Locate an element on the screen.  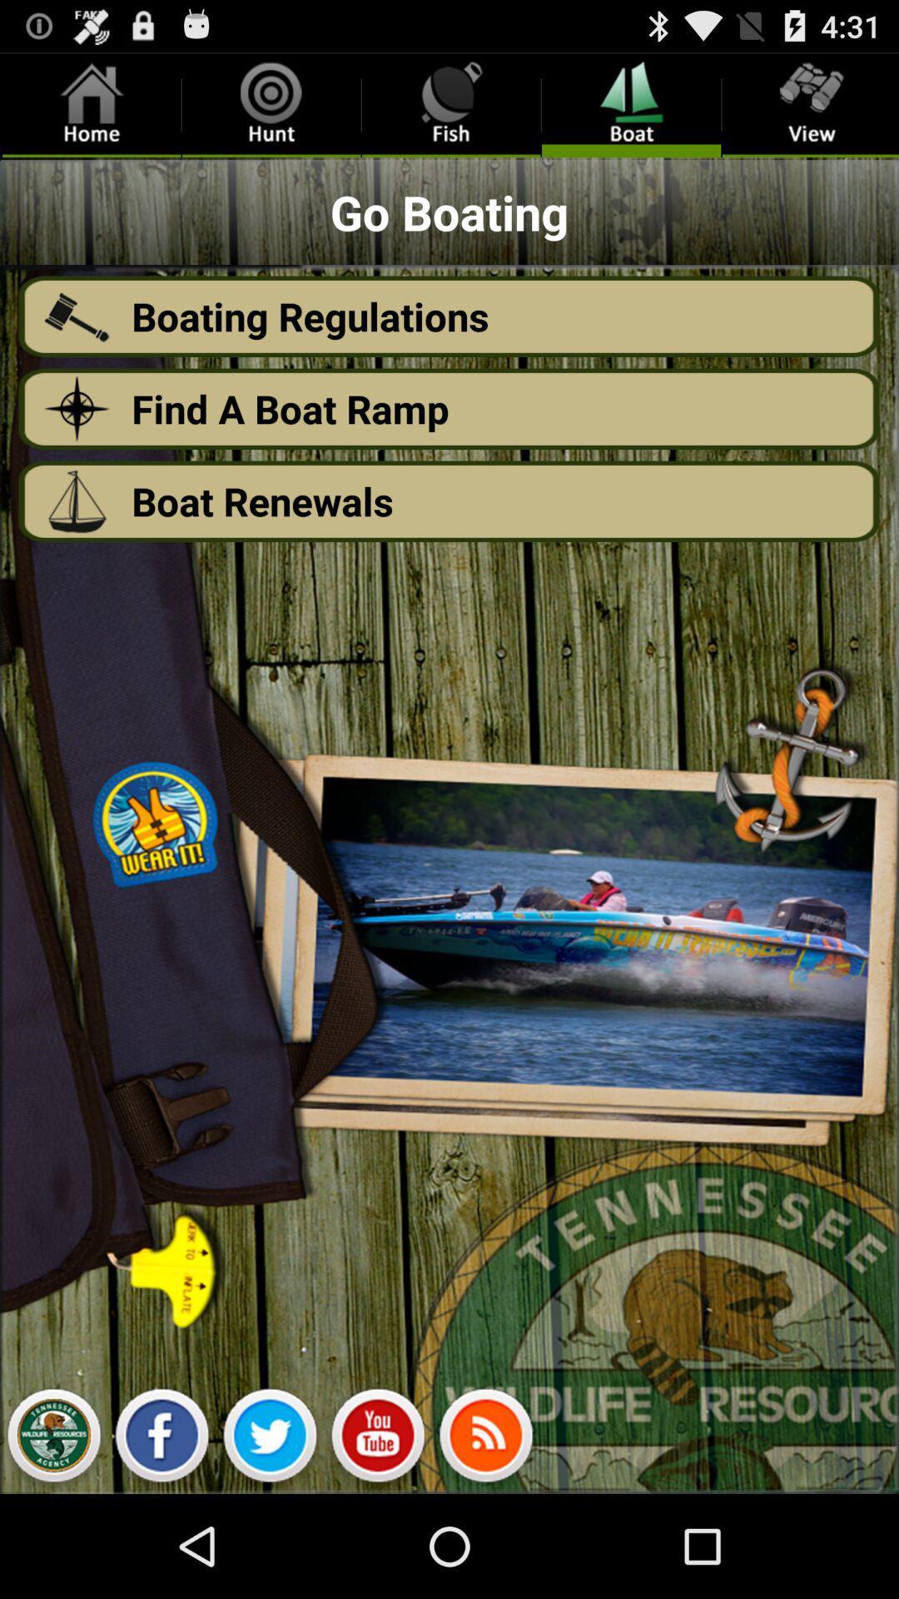
image button is located at coordinates (52, 1439).